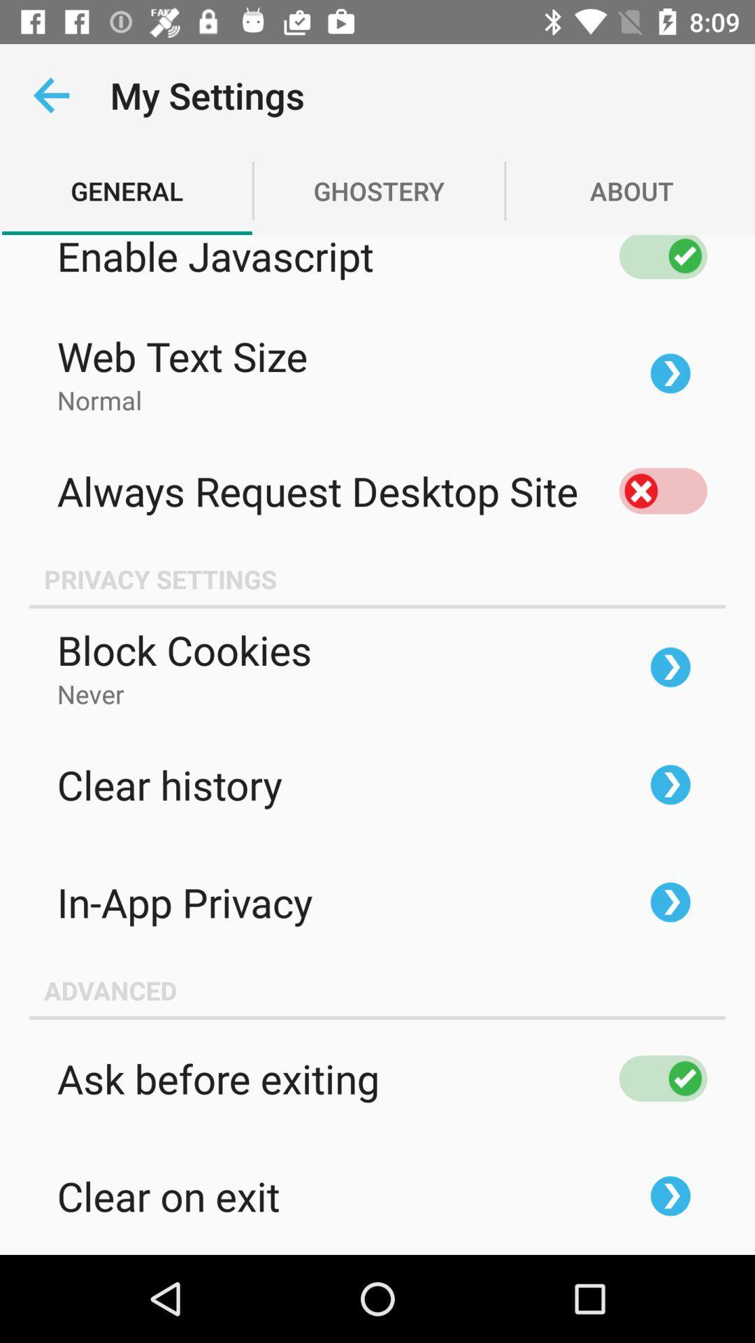 The width and height of the screenshot is (755, 1343). What do you see at coordinates (670, 667) in the screenshot?
I see `the arrow button beside block cookies` at bounding box center [670, 667].